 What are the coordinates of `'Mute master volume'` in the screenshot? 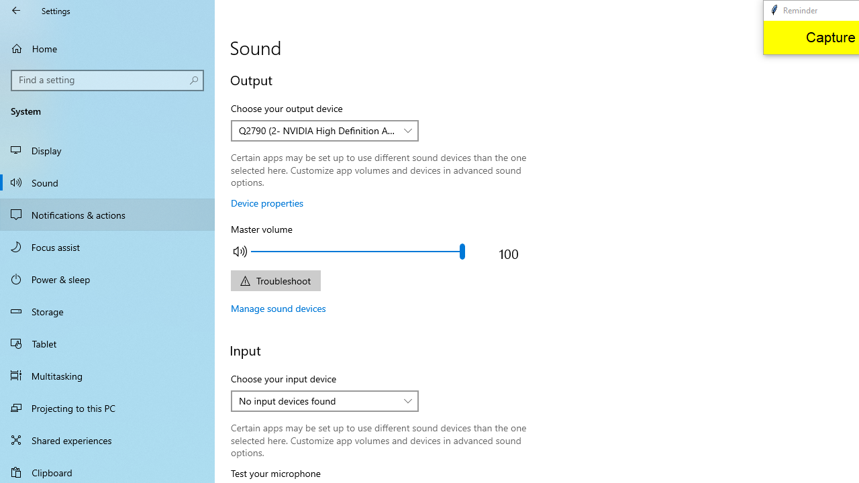 It's located at (240, 251).